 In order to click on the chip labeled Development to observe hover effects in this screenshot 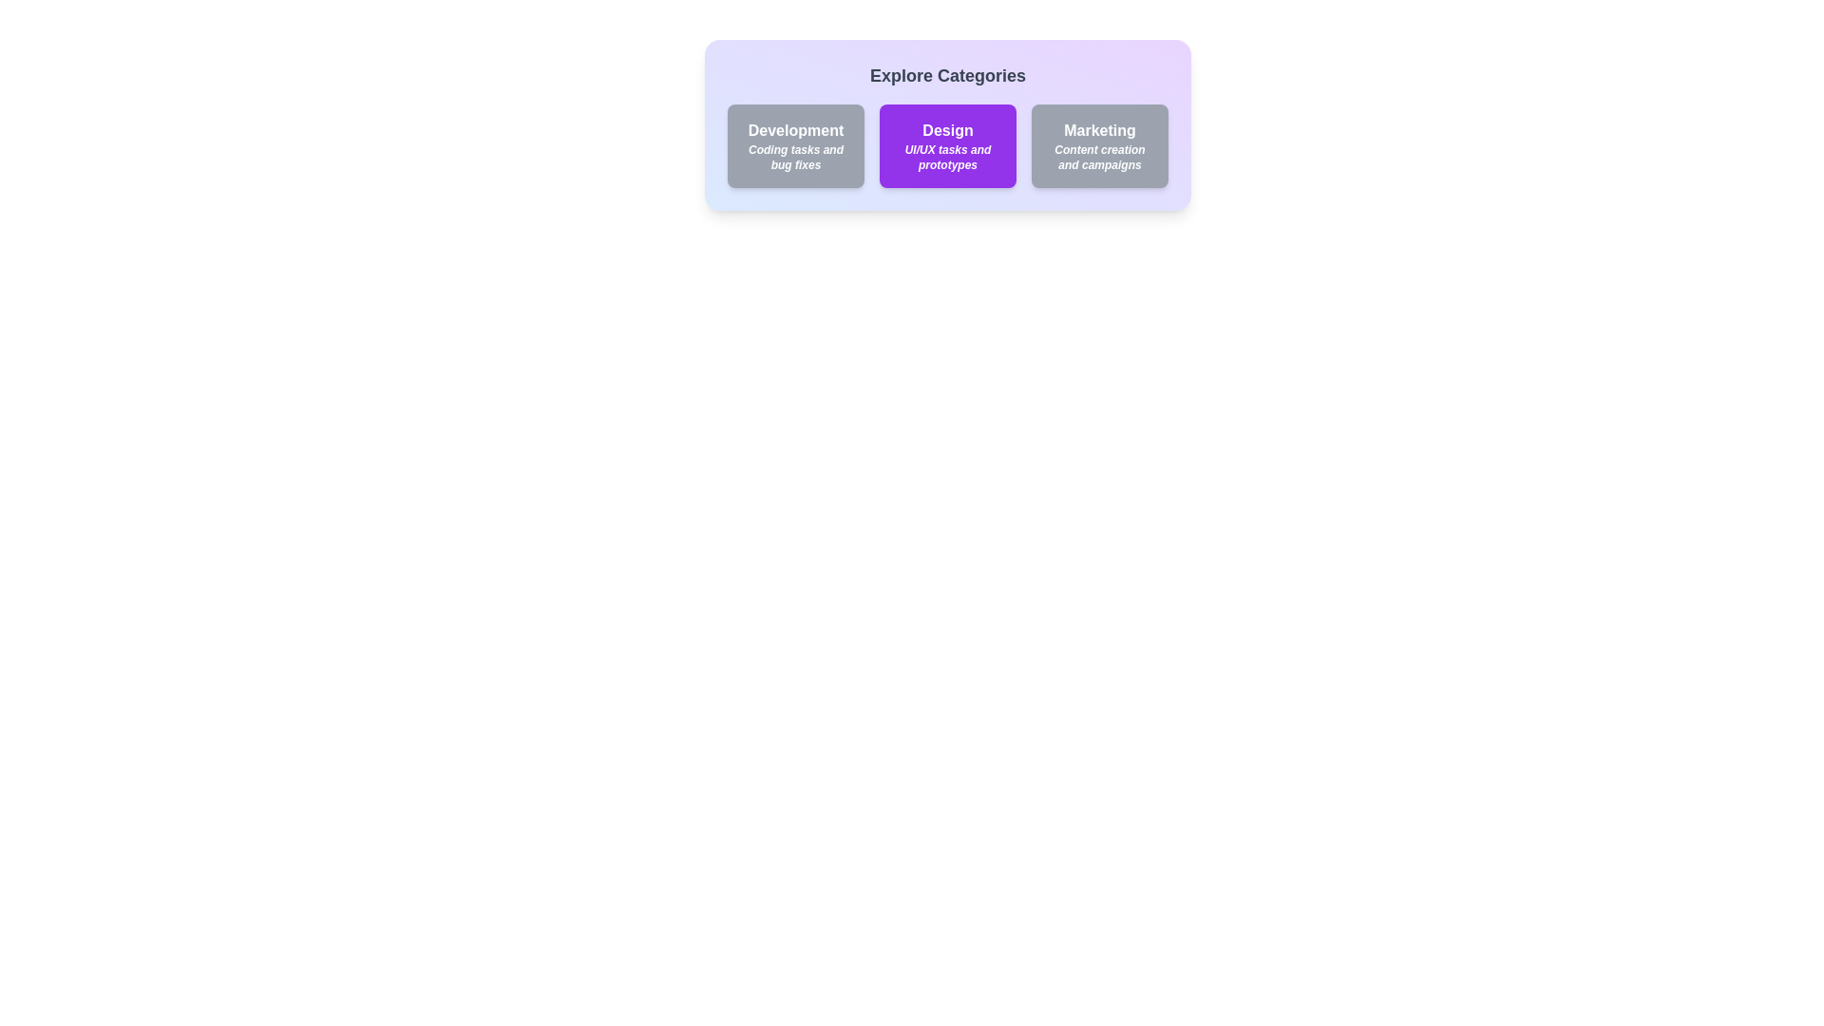, I will do `click(796, 145)`.